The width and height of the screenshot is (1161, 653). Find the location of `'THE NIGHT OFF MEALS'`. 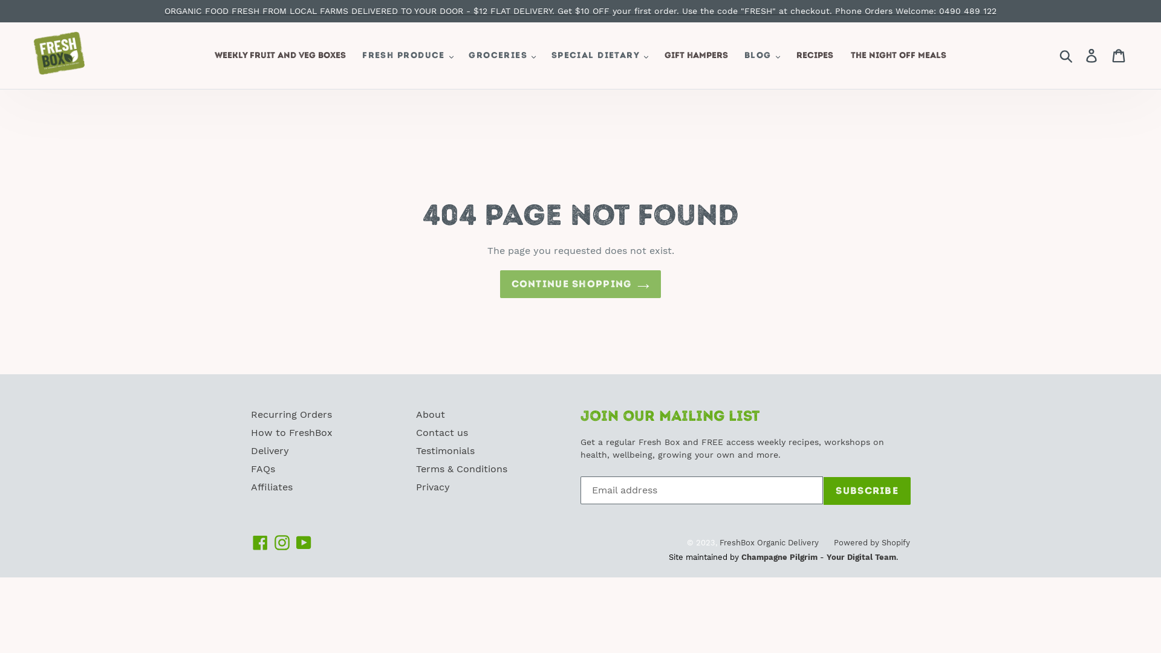

'THE NIGHT OFF MEALS' is located at coordinates (899, 56).